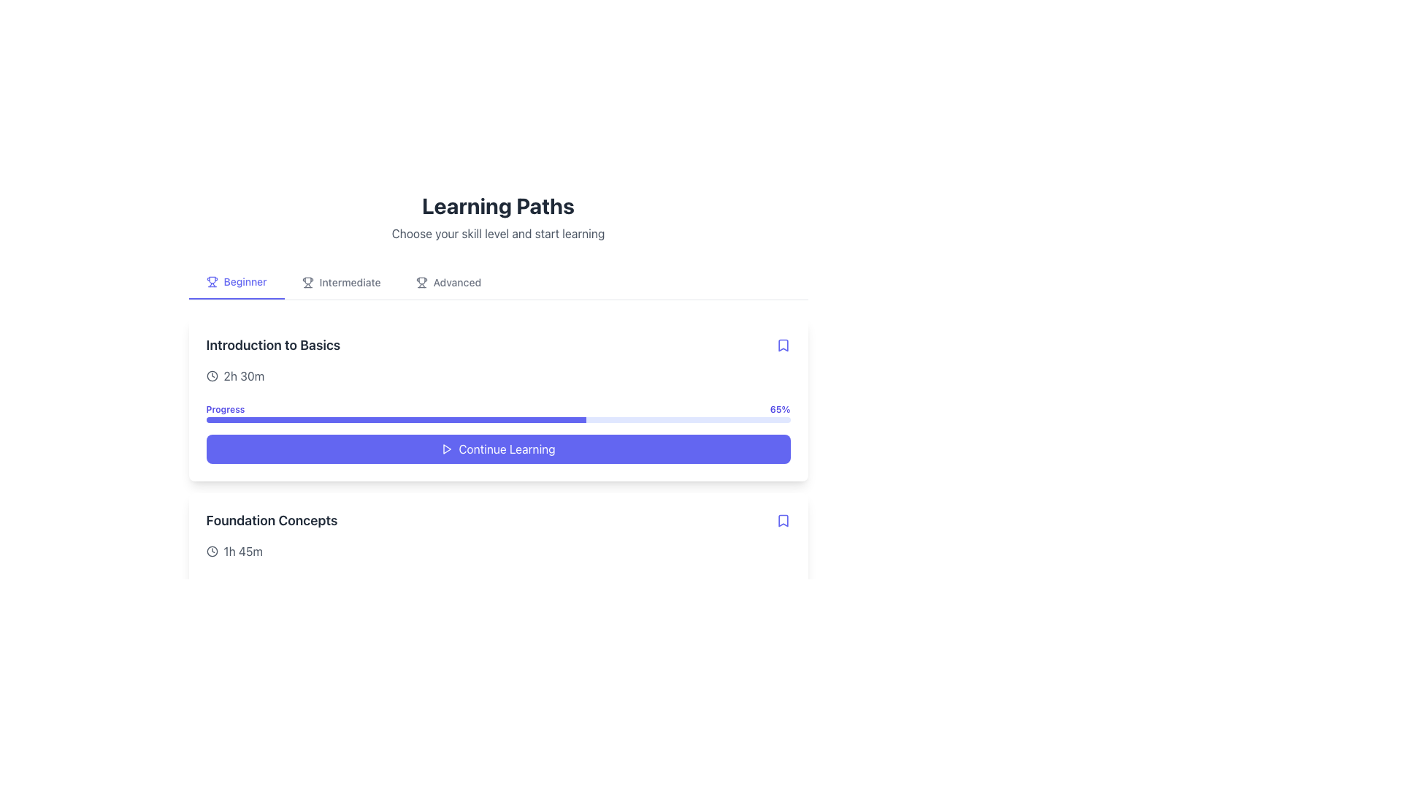 This screenshot has width=1402, height=789. I want to click on the clock icon SVG element, which features a circular outline and a clock hand design, located to the left of the text '2h 30m' under the 'Introduction to Basics' section, so click(211, 376).